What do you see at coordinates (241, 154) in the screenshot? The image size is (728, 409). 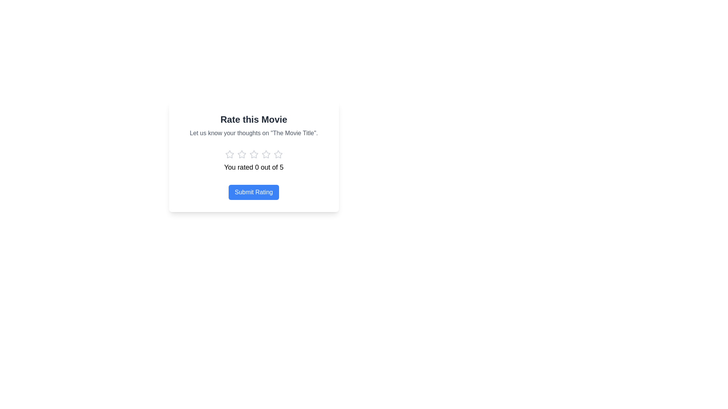 I see `the second star-shaped rating icon, which is gray and part of a row of five stars used for rating a movie` at bounding box center [241, 154].